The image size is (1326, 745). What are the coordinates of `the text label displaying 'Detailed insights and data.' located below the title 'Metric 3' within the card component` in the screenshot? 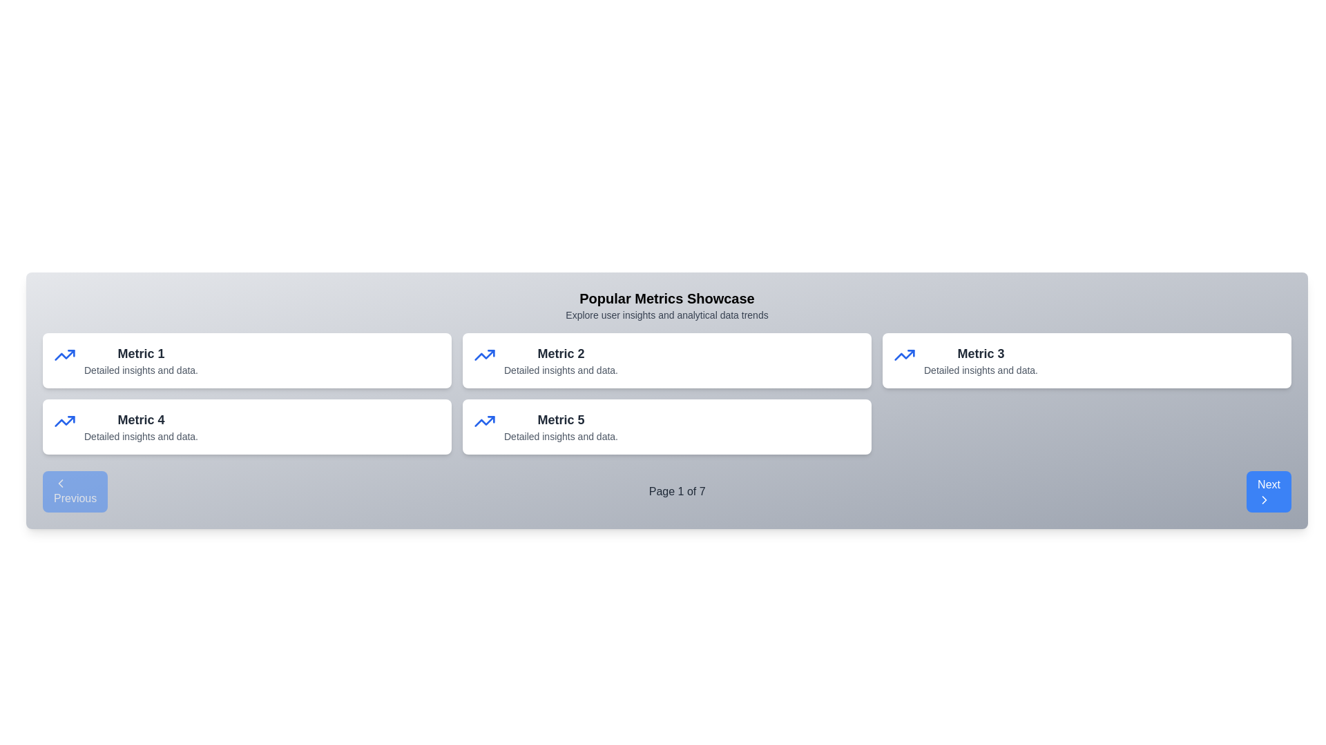 It's located at (980, 369).